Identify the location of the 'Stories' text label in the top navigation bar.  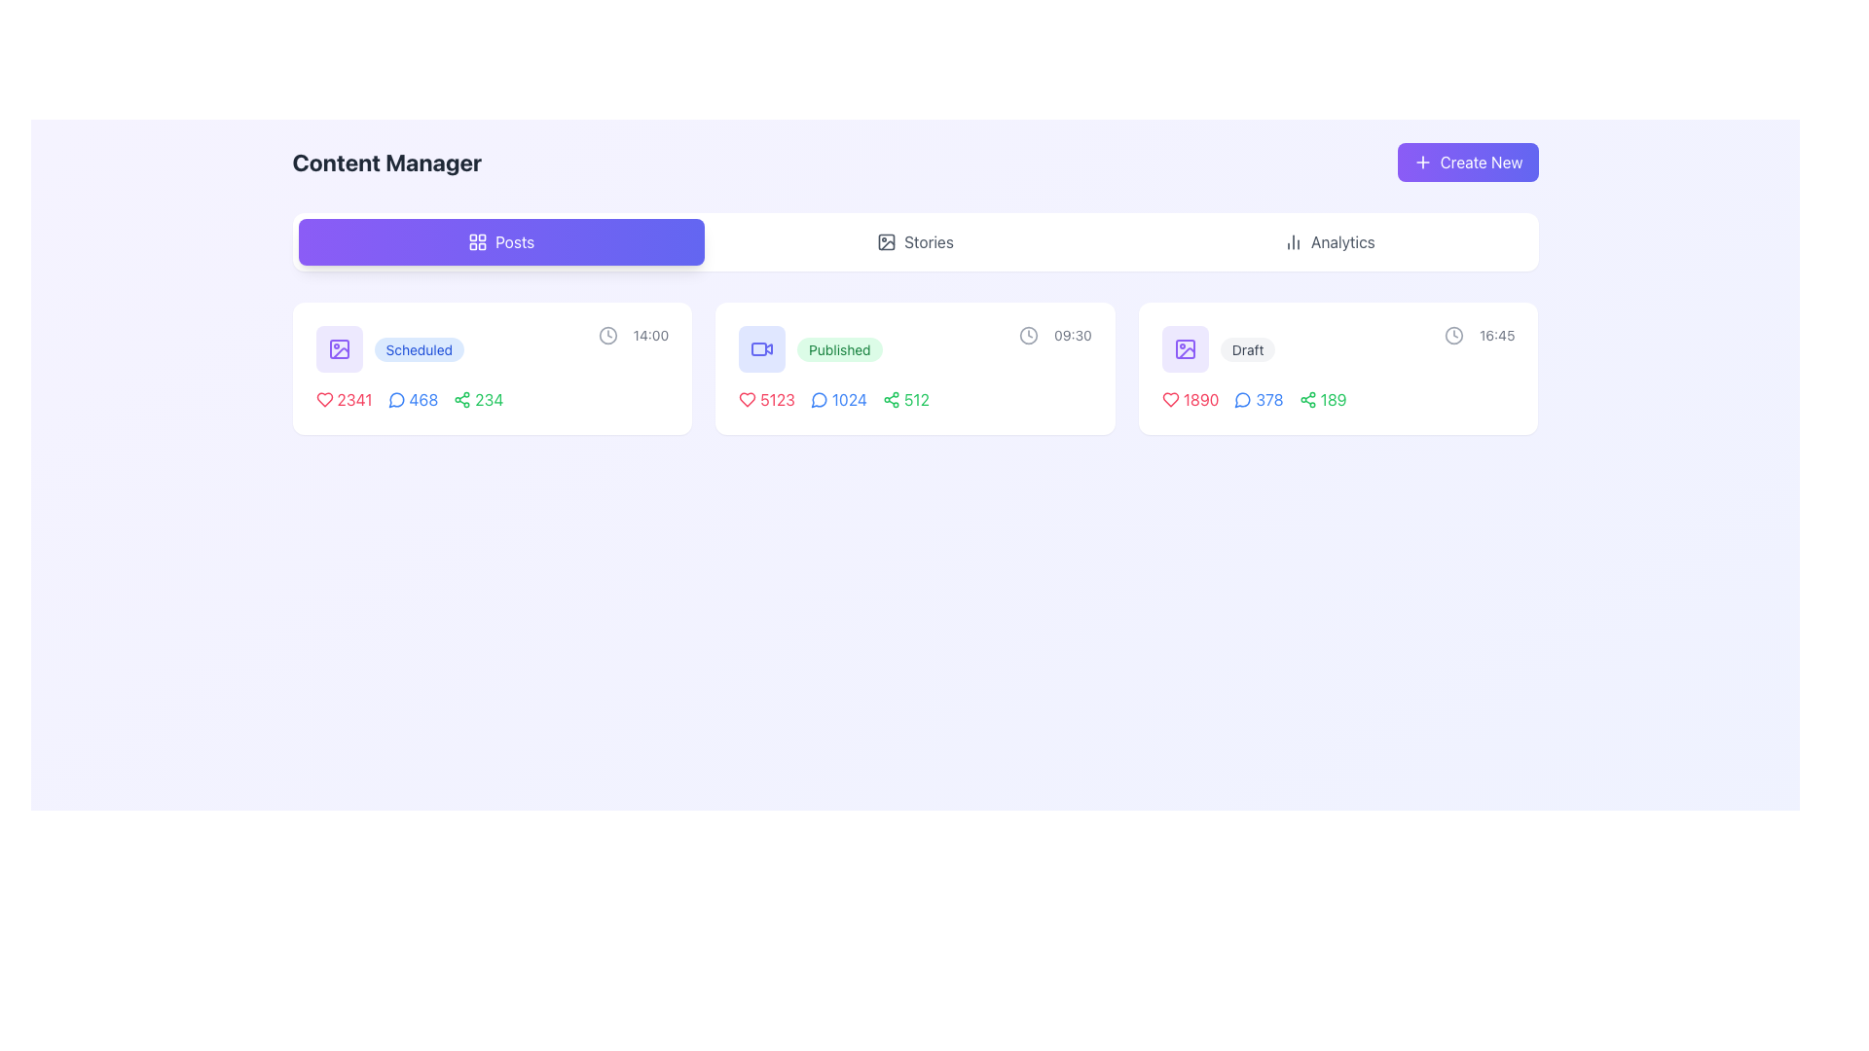
(928, 241).